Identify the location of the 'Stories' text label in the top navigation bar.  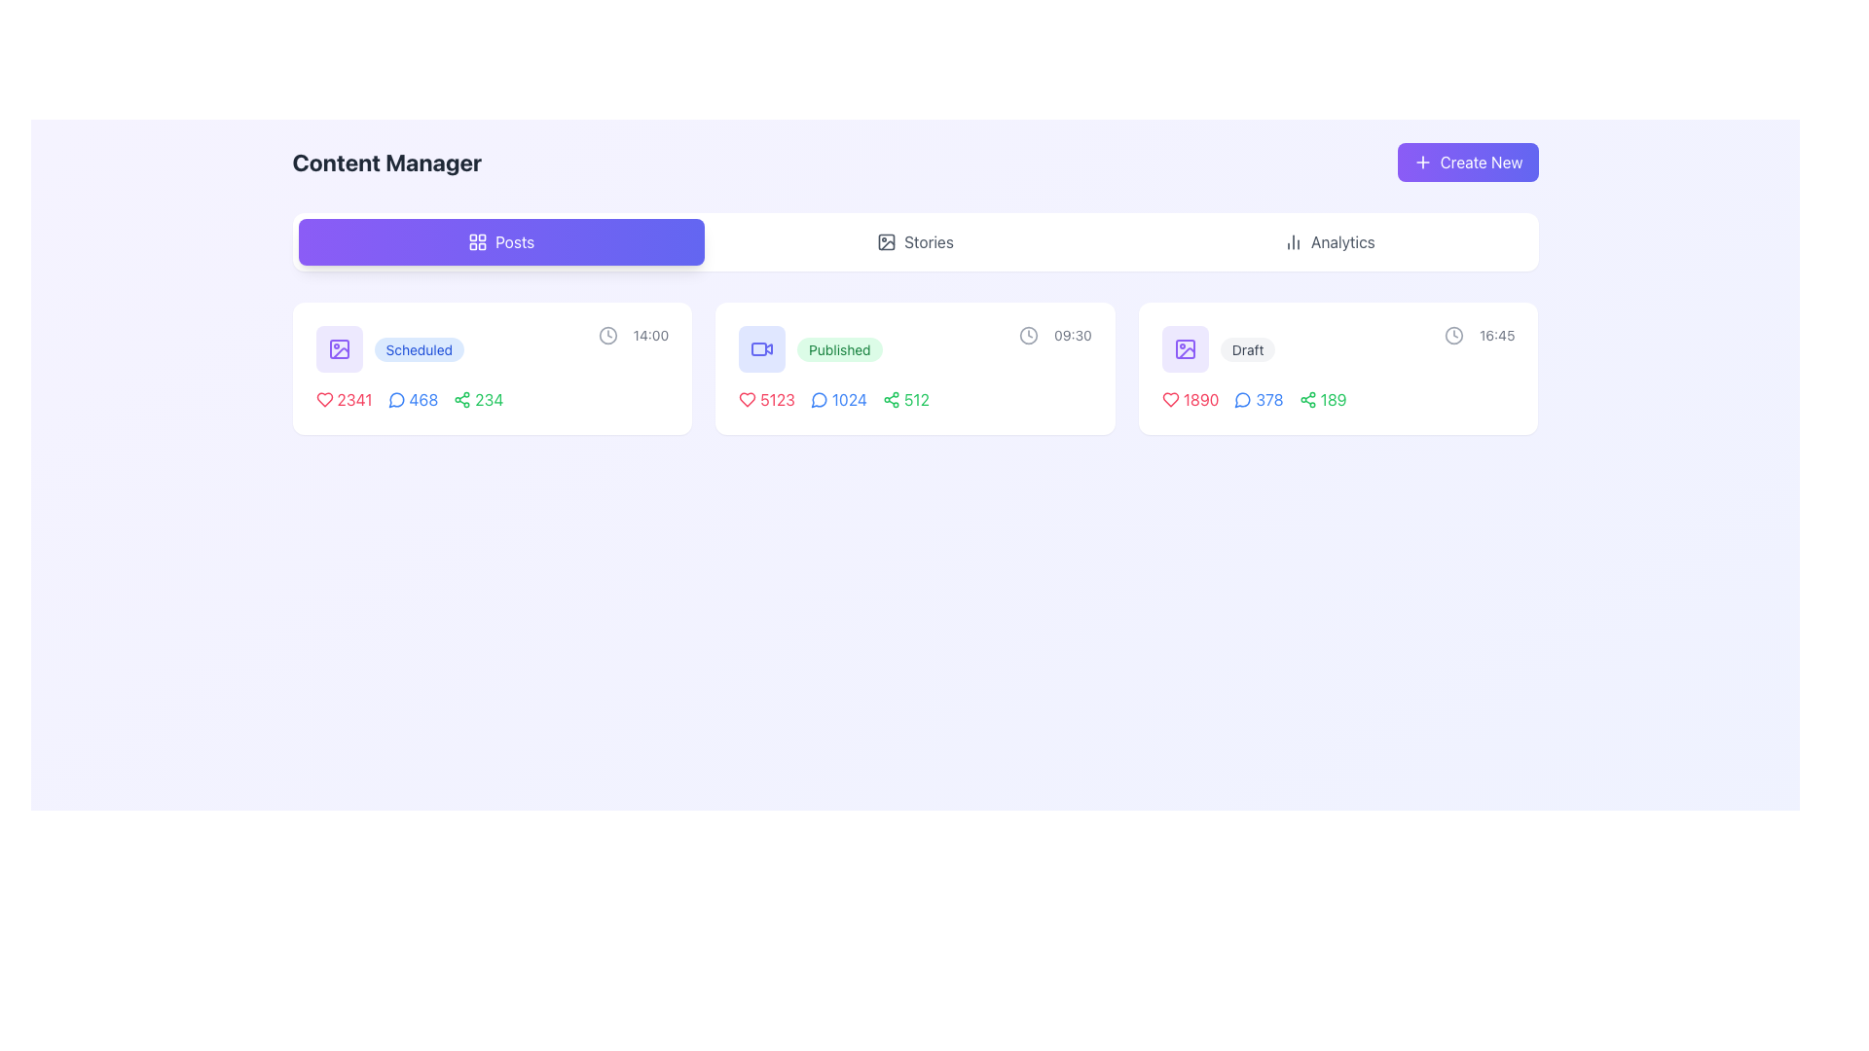
(928, 241).